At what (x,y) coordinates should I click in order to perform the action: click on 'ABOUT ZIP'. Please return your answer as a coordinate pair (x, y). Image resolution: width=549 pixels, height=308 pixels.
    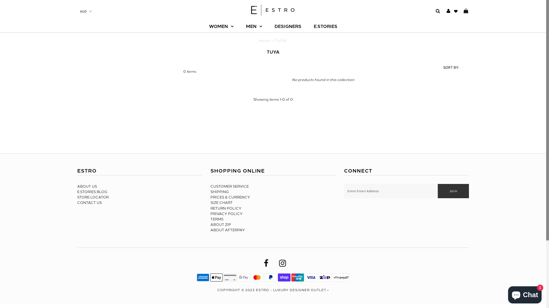
    Looking at the image, I should click on (220, 224).